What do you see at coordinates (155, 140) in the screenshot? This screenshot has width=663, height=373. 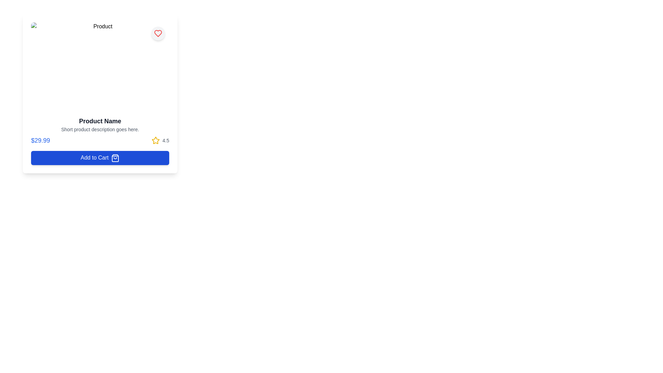 I see `the star icon representing the rating in the product card, located to the left of the numerical label '4.5'` at bounding box center [155, 140].